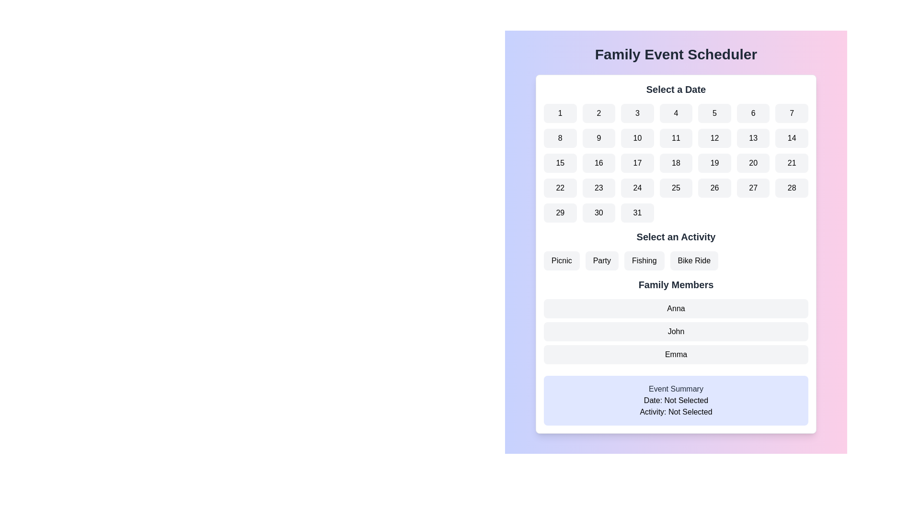 This screenshot has height=517, width=920. Describe the element at coordinates (676, 89) in the screenshot. I see `the Static text heading that indicates the section for selecting a date, located at the top-center of the application interface` at that location.